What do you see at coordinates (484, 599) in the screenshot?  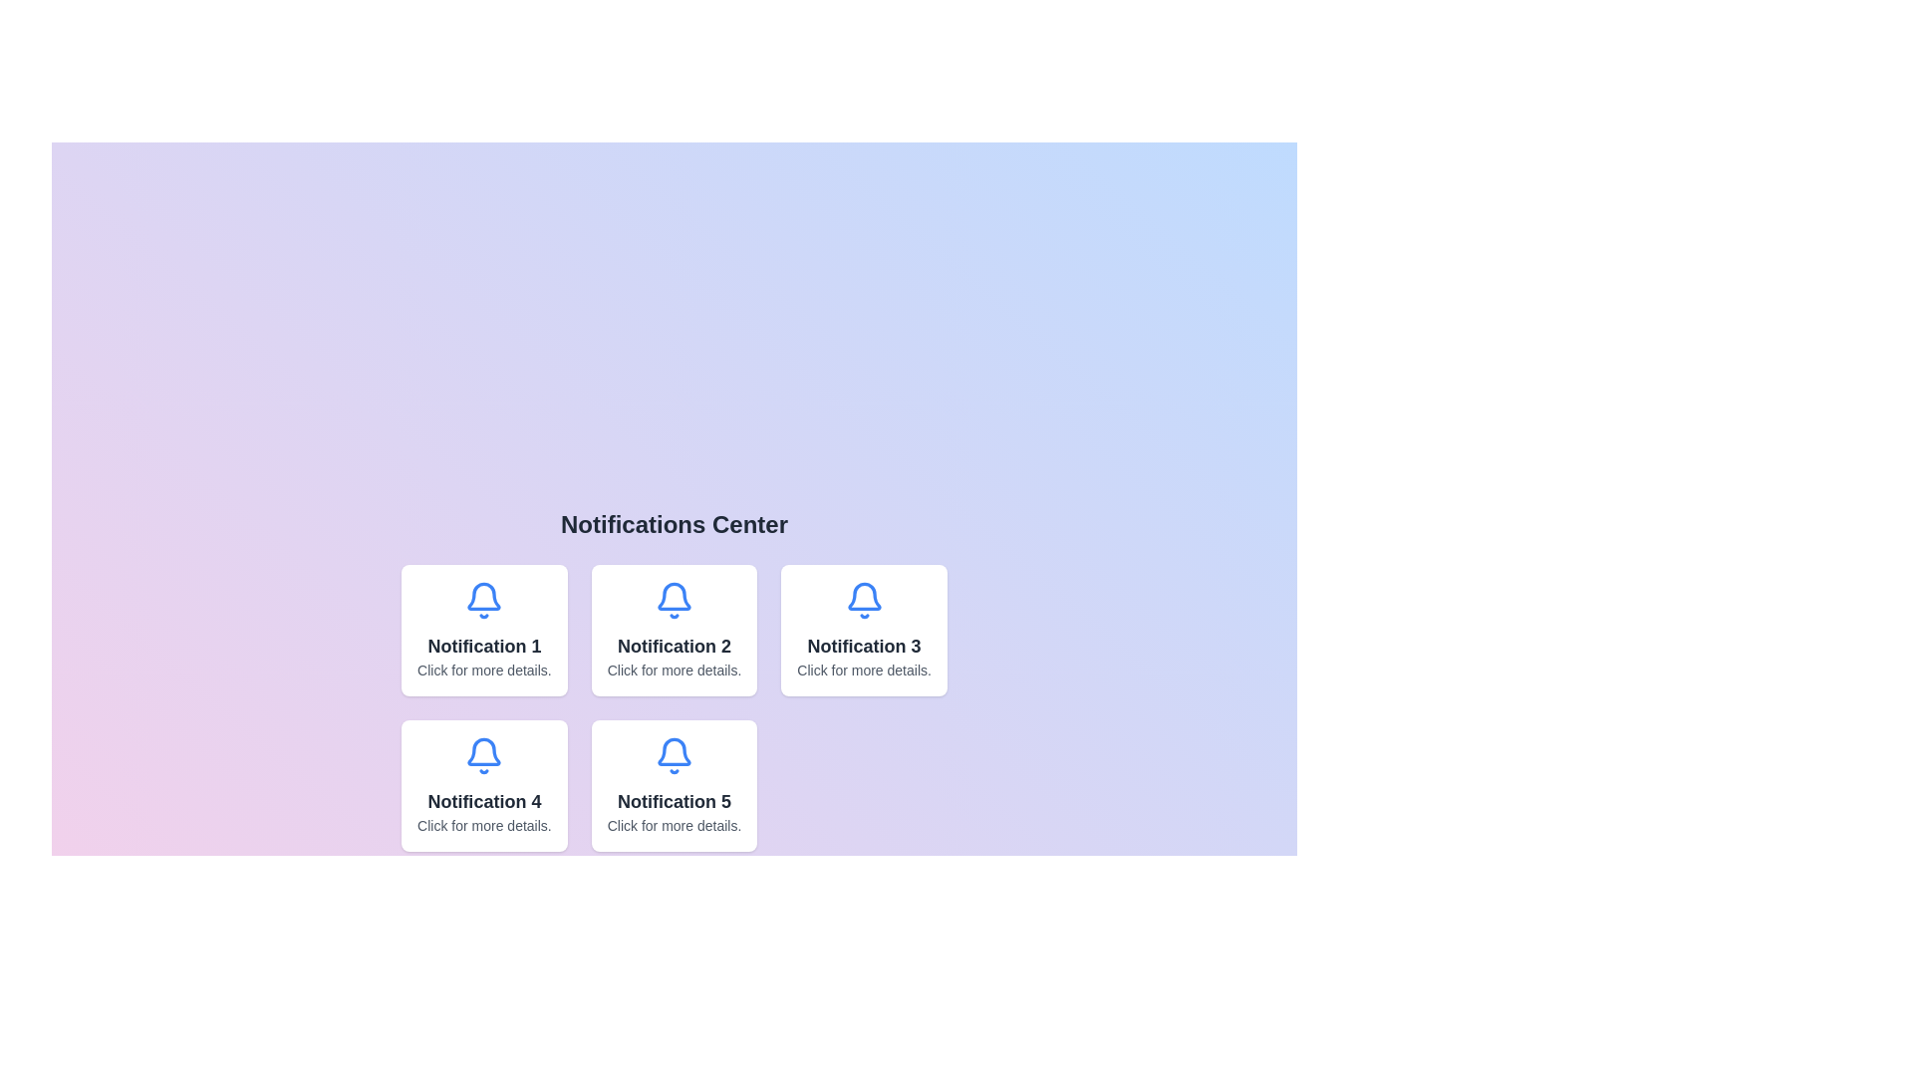 I see `the blue notification bell icon` at bounding box center [484, 599].